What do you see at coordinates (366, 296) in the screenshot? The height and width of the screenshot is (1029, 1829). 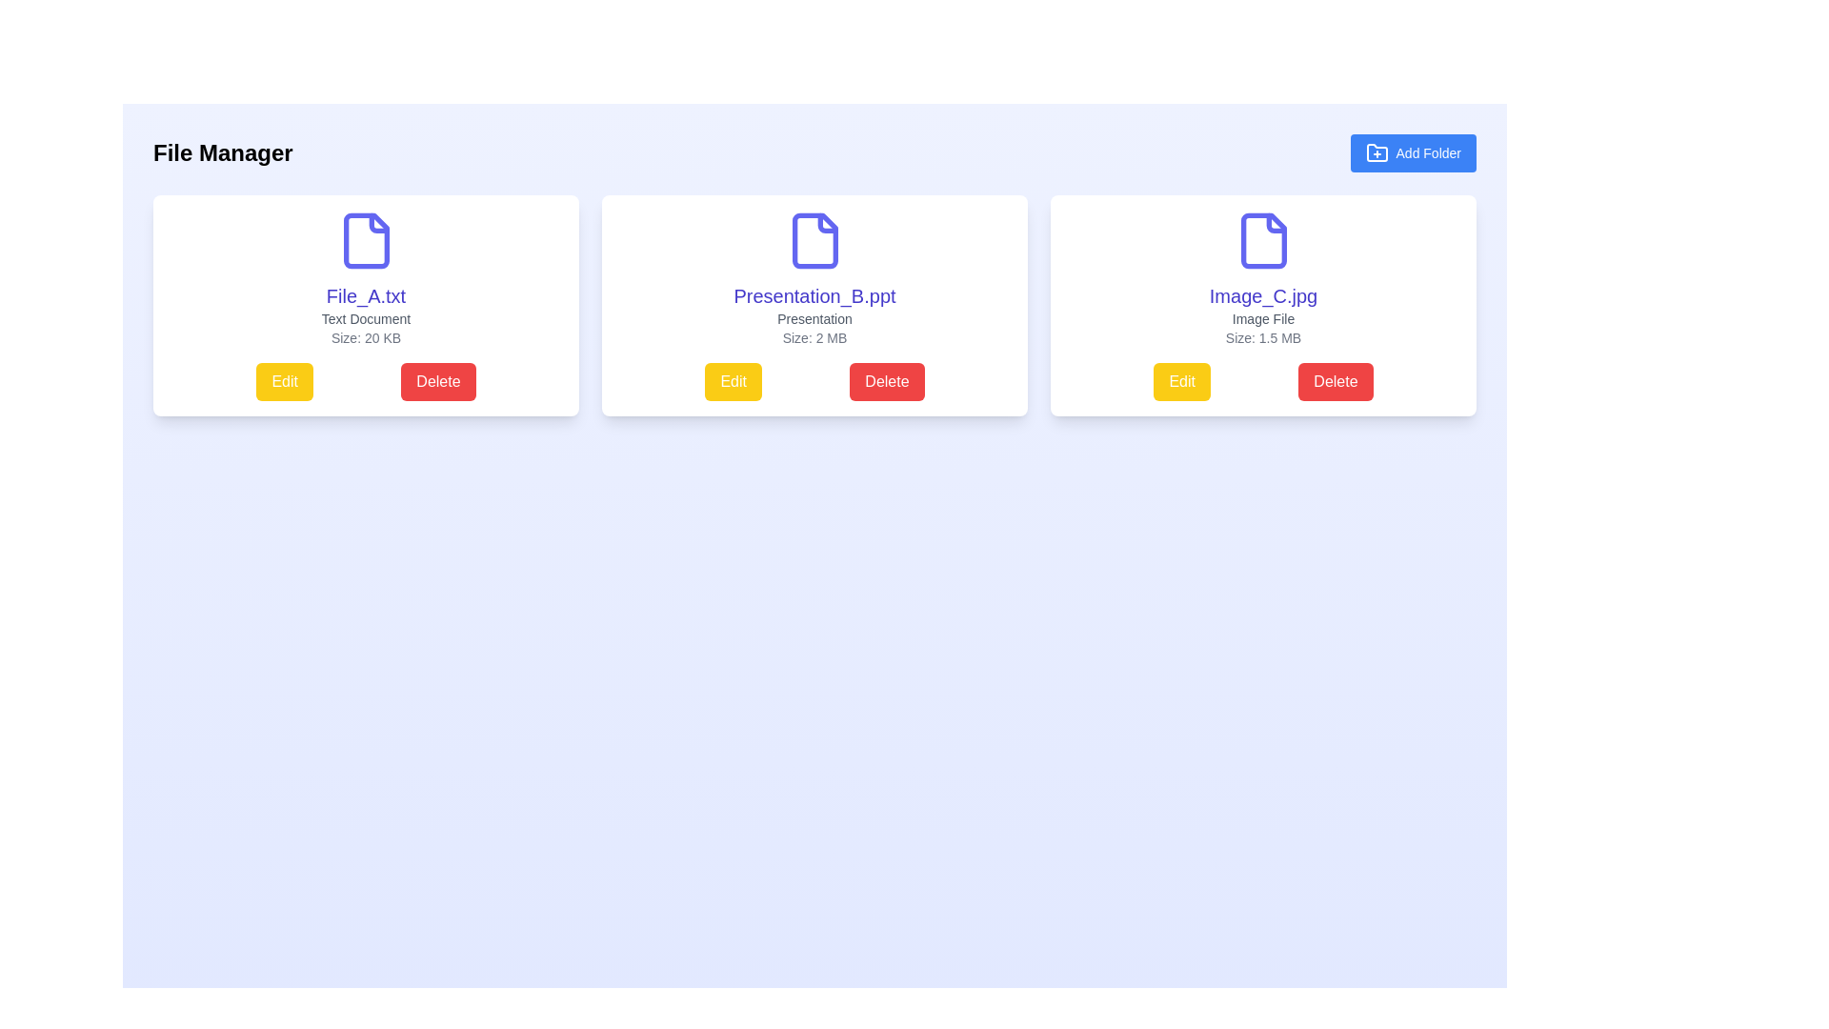 I see `the static text label displaying the name of the file, located above the 'Text Document' descriptor and 'Size: 20 KB' indication, to trigger a visual highlight or tooltip` at bounding box center [366, 296].